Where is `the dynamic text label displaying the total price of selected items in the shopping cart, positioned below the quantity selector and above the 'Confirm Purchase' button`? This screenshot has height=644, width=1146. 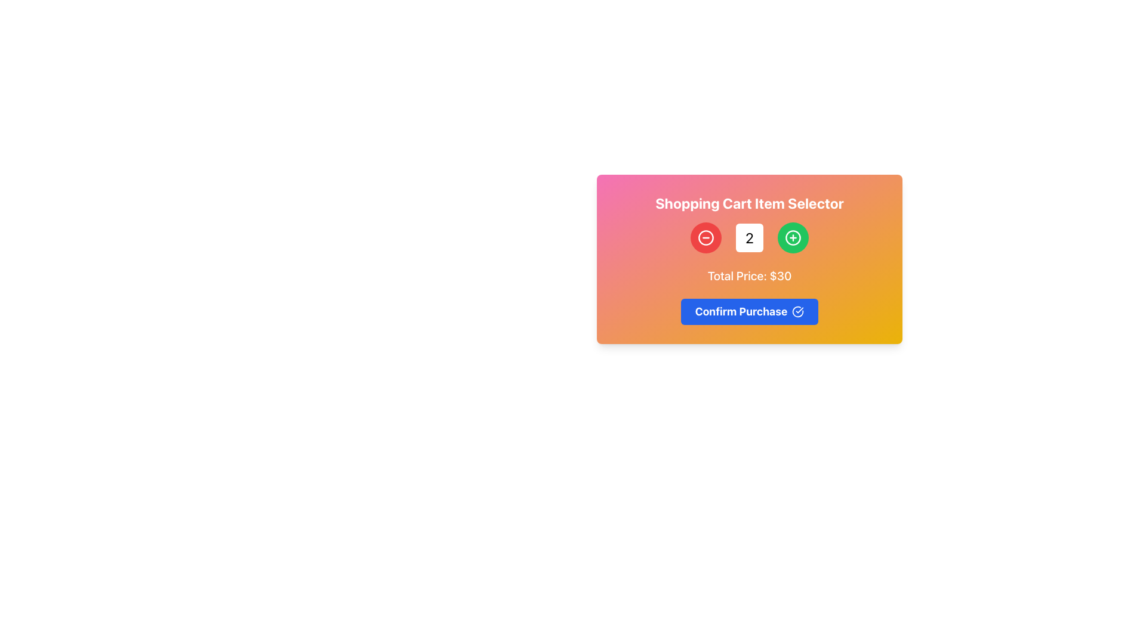
the dynamic text label displaying the total price of selected items in the shopping cart, positioned below the quantity selector and above the 'Confirm Purchase' button is located at coordinates (749, 275).